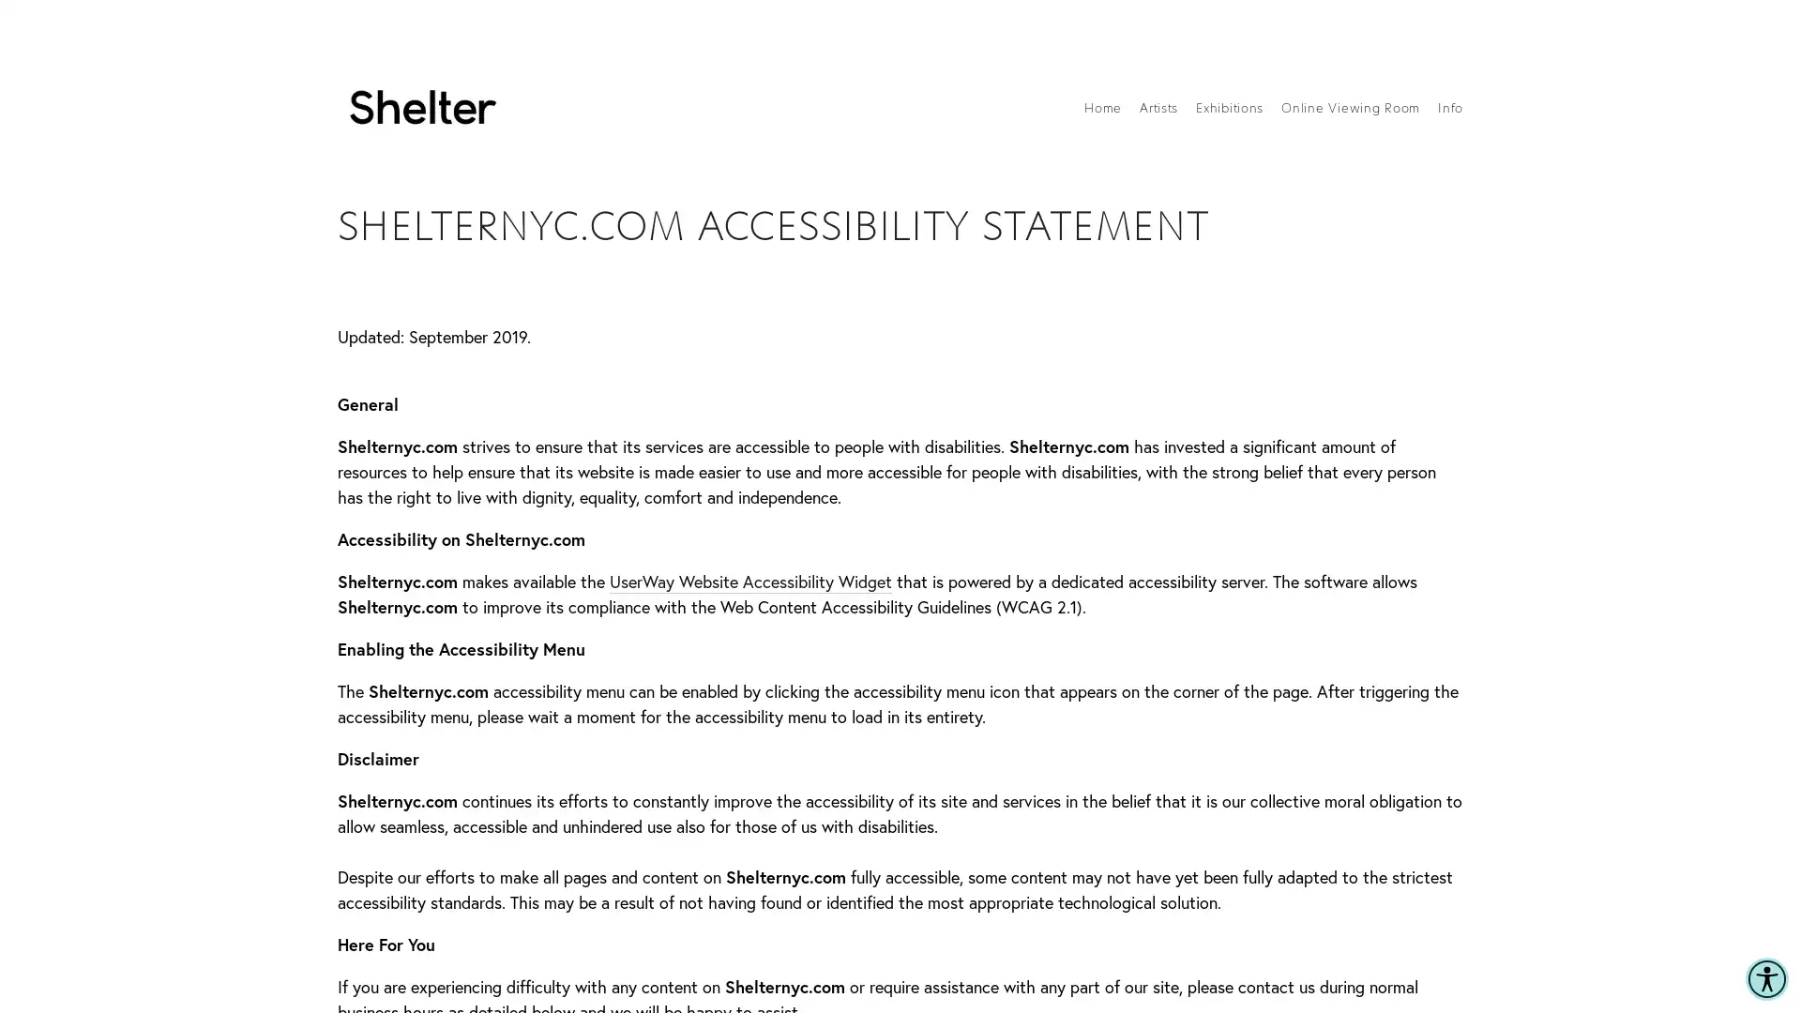 This screenshot has width=1801, height=1013. Describe the element at coordinates (1765, 978) in the screenshot. I see `Accessibility Menu` at that location.